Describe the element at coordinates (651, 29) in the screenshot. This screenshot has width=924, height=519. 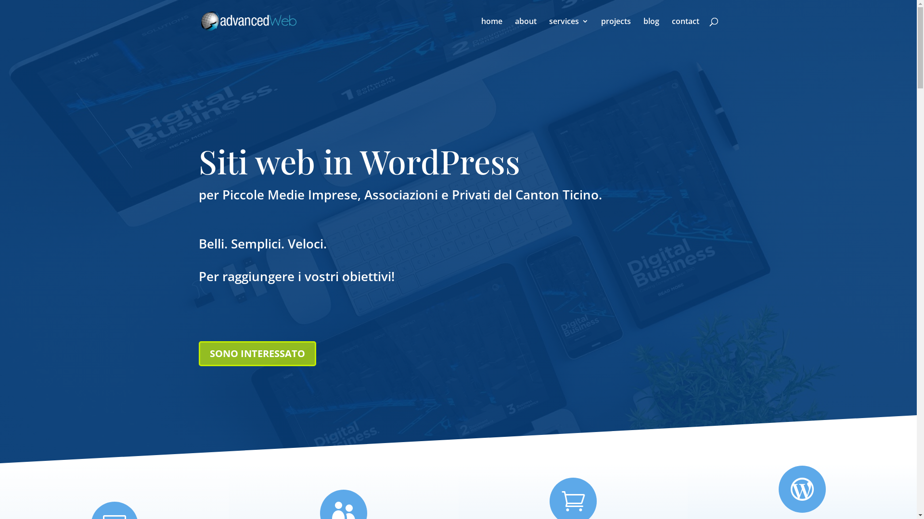
I see `'blog'` at that location.